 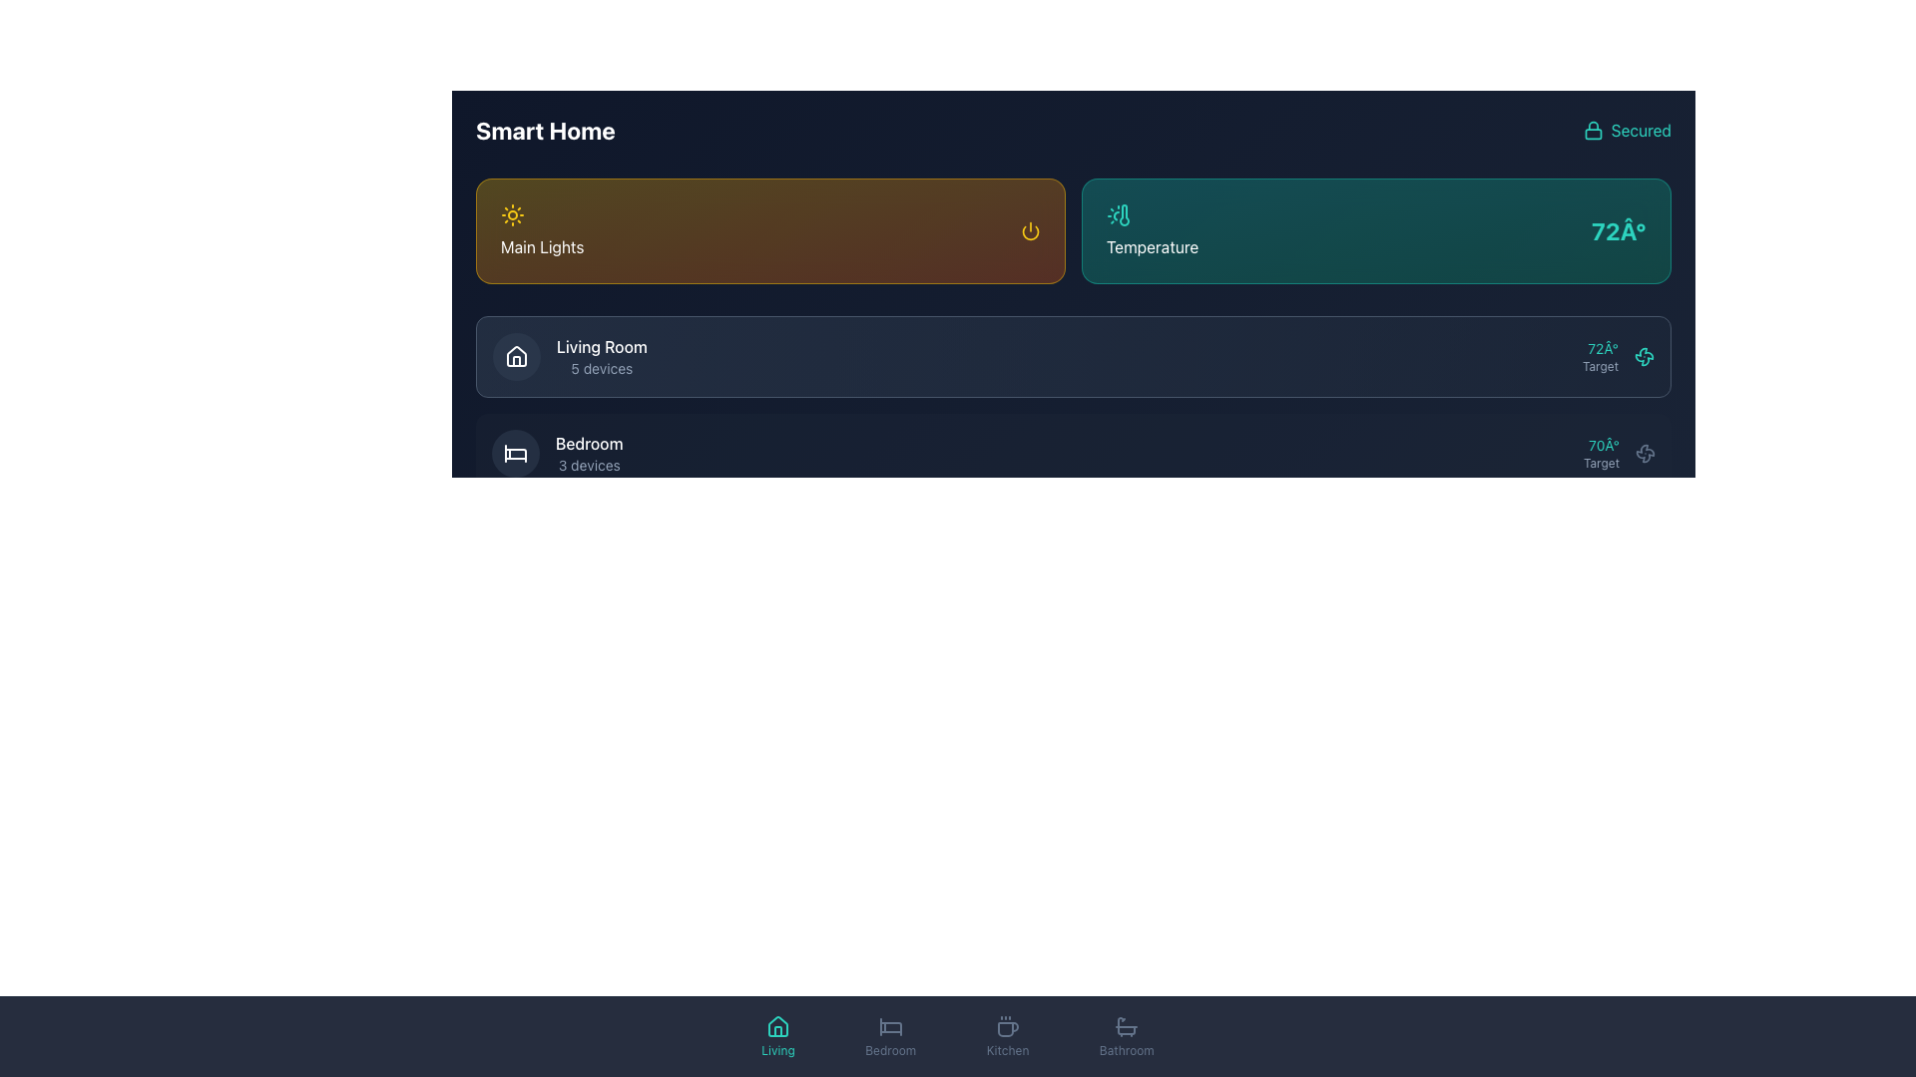 What do you see at coordinates (588, 442) in the screenshot?
I see `the static text label displaying 'Bedroom' which is positioned above the smaller text indicating '3 devices' in the bottom half of the list of rooms` at bounding box center [588, 442].